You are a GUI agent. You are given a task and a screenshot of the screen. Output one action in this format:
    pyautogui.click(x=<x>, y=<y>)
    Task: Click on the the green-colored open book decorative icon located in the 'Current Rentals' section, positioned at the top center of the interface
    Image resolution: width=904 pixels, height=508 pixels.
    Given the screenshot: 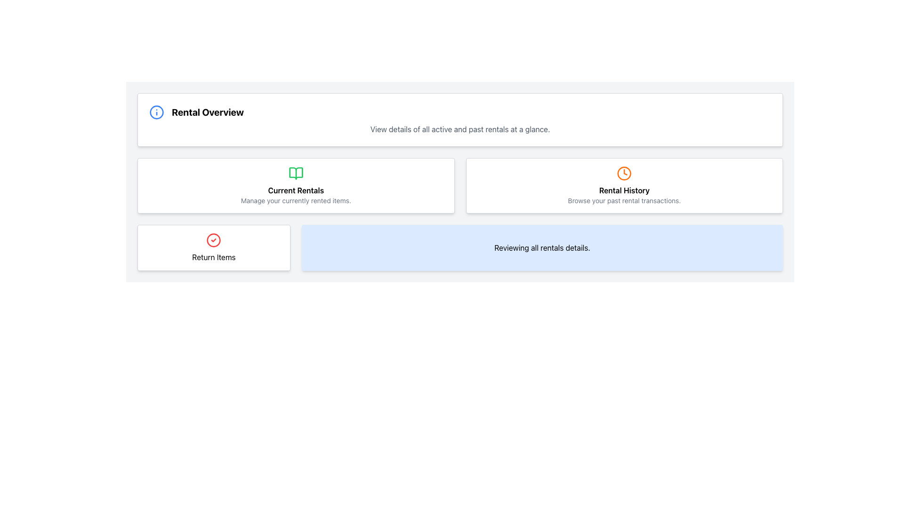 What is the action you would take?
    pyautogui.click(x=295, y=174)
    